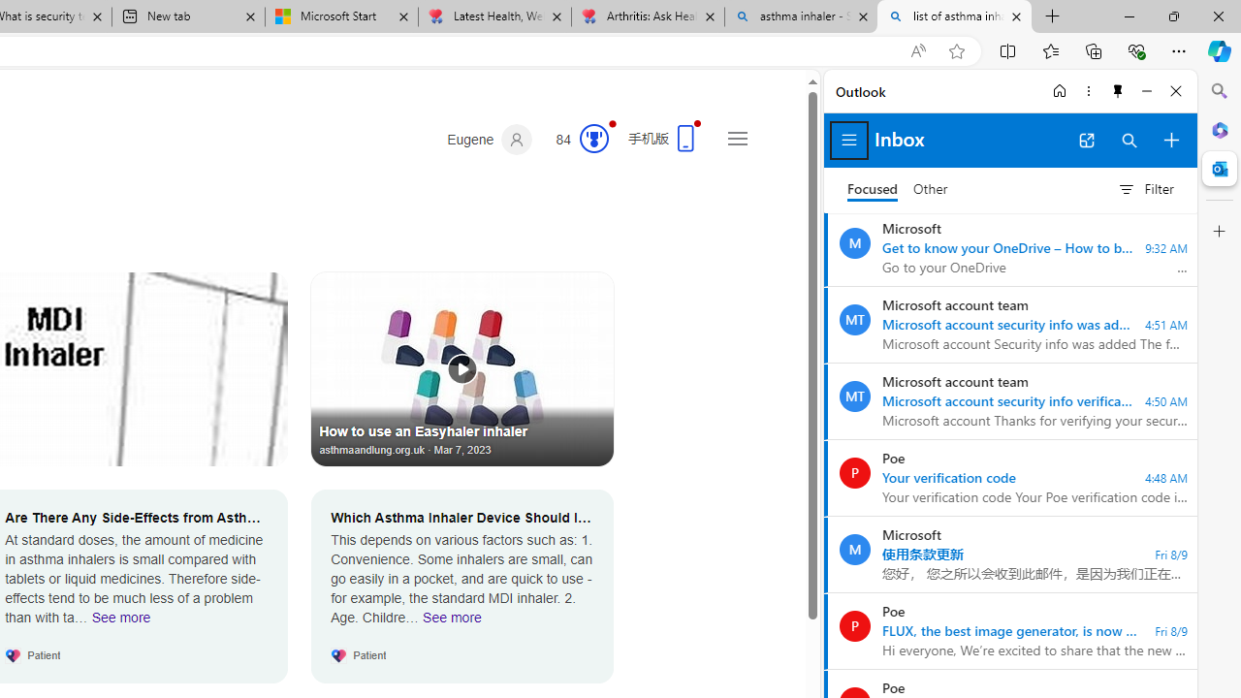 This screenshot has height=698, width=1241. Describe the element at coordinates (461, 368) in the screenshot. I see `'How to use an Easyhaler inhaler'` at that location.